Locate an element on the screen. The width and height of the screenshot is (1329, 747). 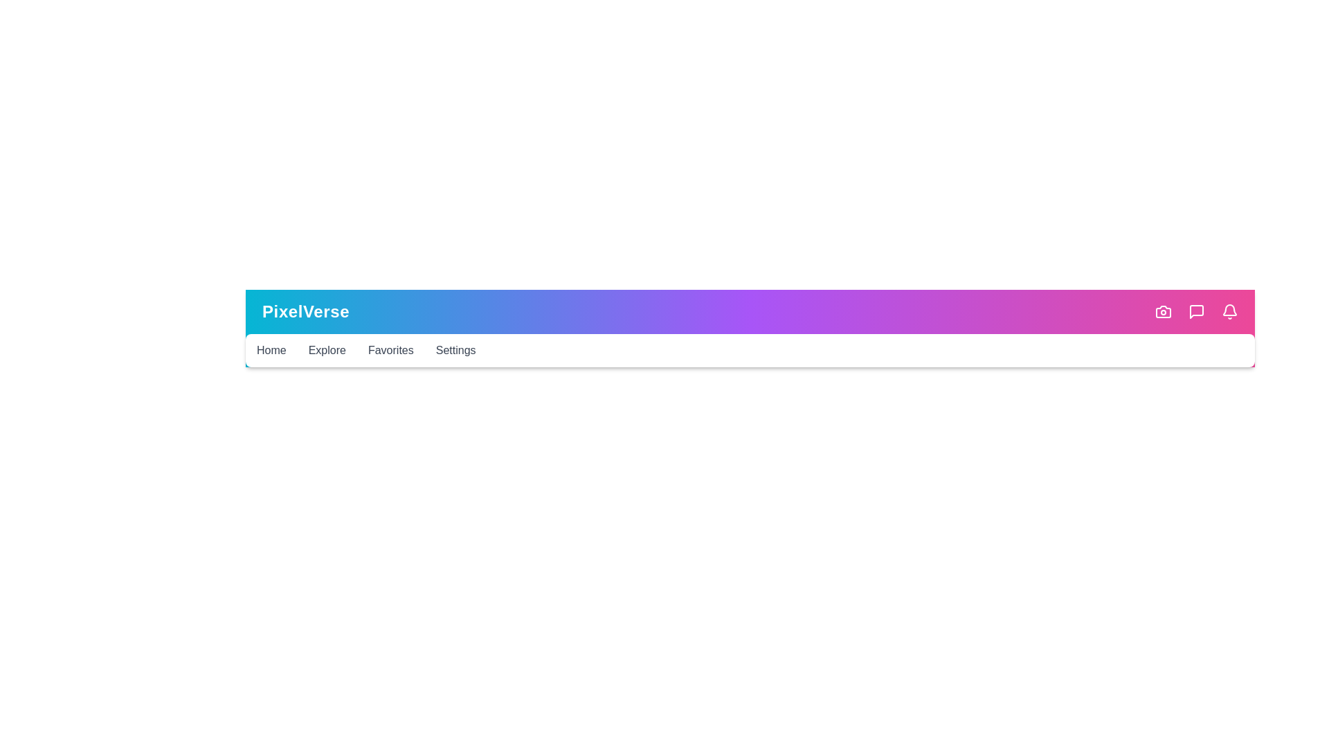
the Notifications icon to perform the corresponding quick action is located at coordinates (1229, 312).